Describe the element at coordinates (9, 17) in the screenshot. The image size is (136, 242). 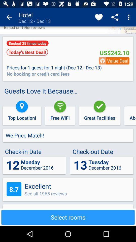
I see `icon to the left of the hotel dec 12 app` at that location.